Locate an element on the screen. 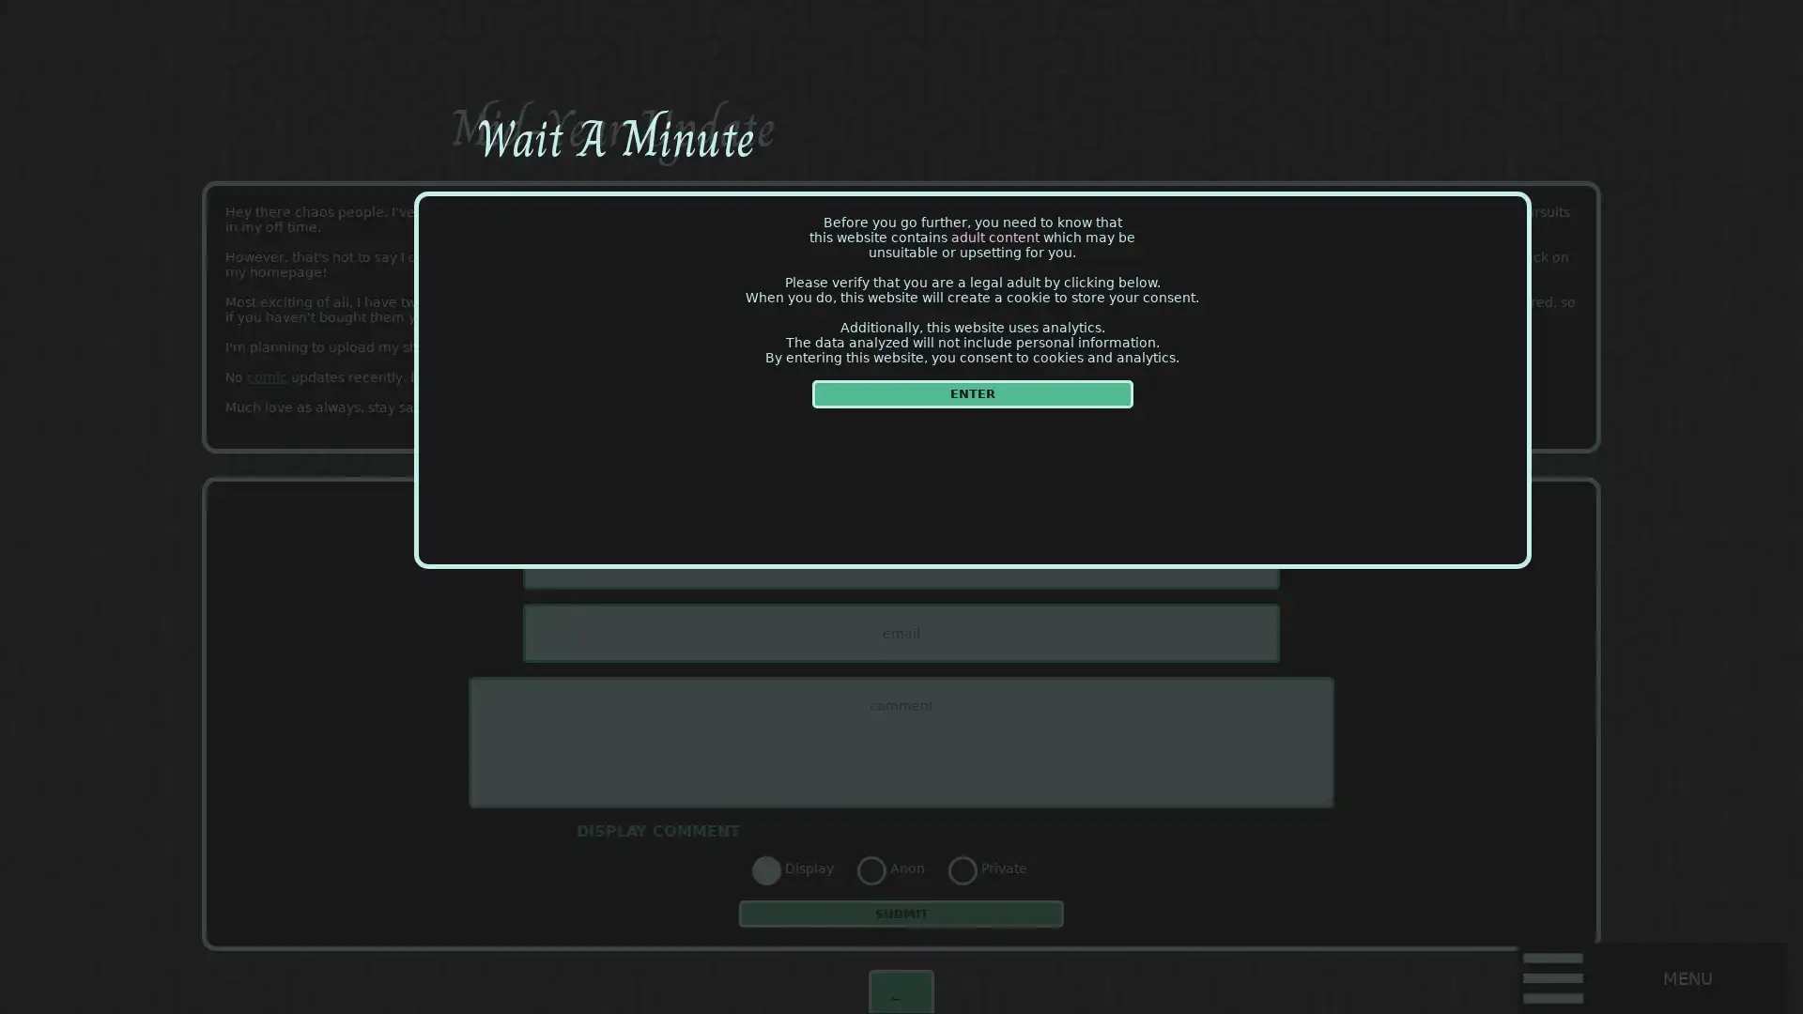 Image resolution: width=1803 pixels, height=1014 pixels. ENTER is located at coordinates (972, 392).